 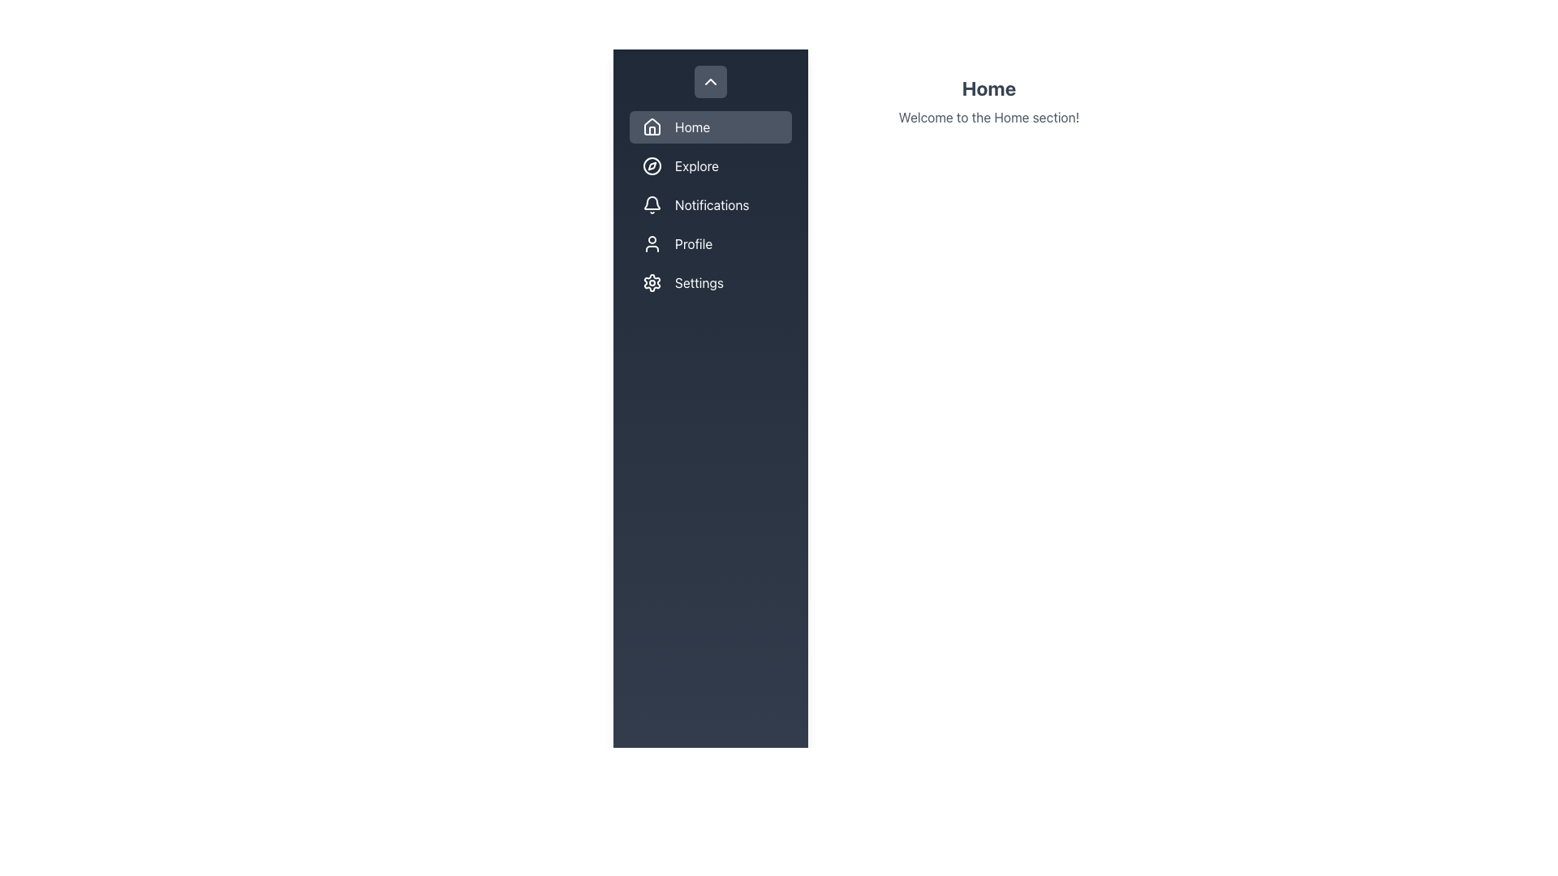 I want to click on the outlined bell icon located to the left of the 'Notifications' label in the dark vertical navigation panel, so click(x=652, y=204).